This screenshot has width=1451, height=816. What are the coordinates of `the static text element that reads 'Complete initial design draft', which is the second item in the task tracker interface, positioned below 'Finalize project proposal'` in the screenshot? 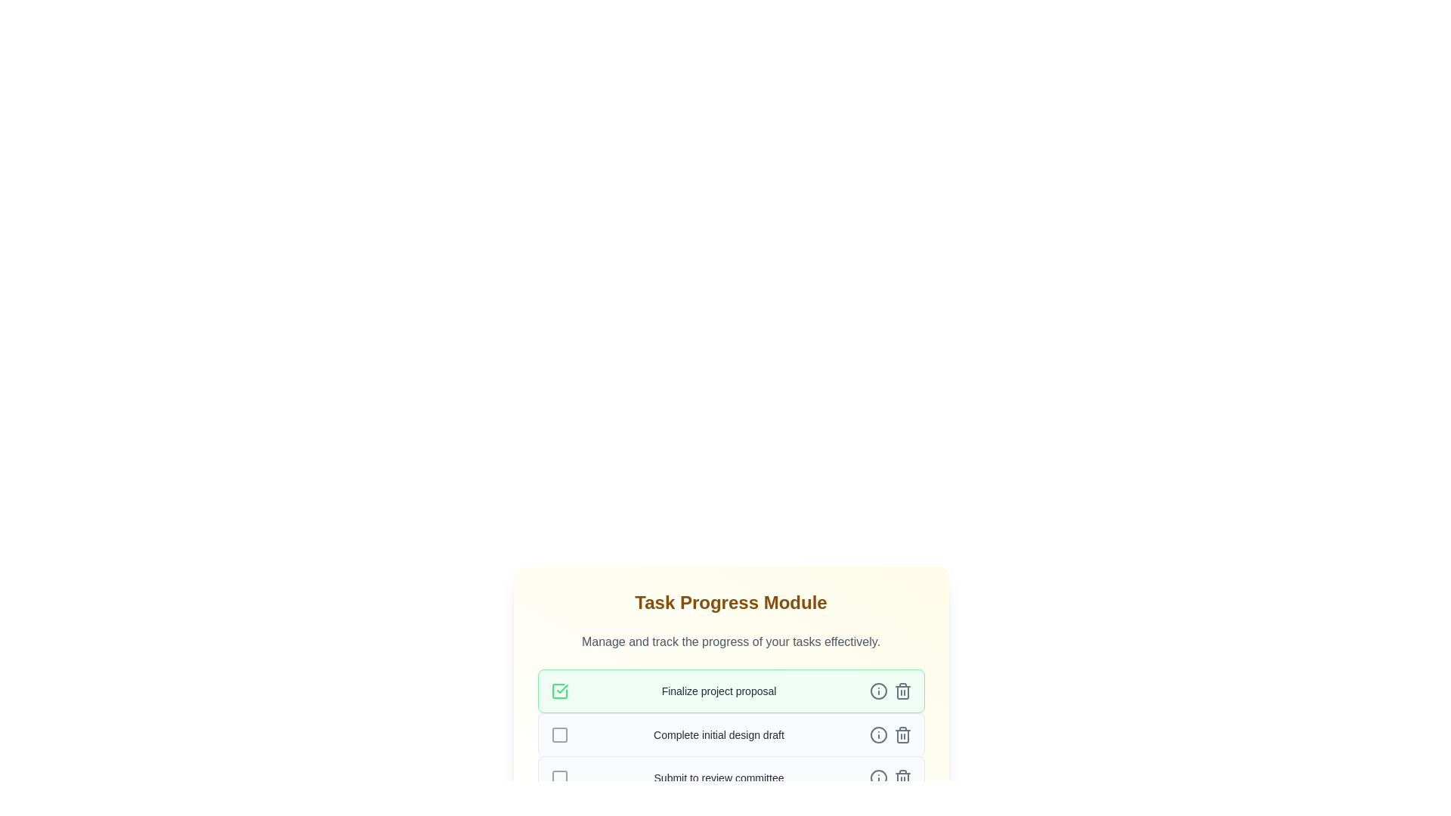 It's located at (718, 734).